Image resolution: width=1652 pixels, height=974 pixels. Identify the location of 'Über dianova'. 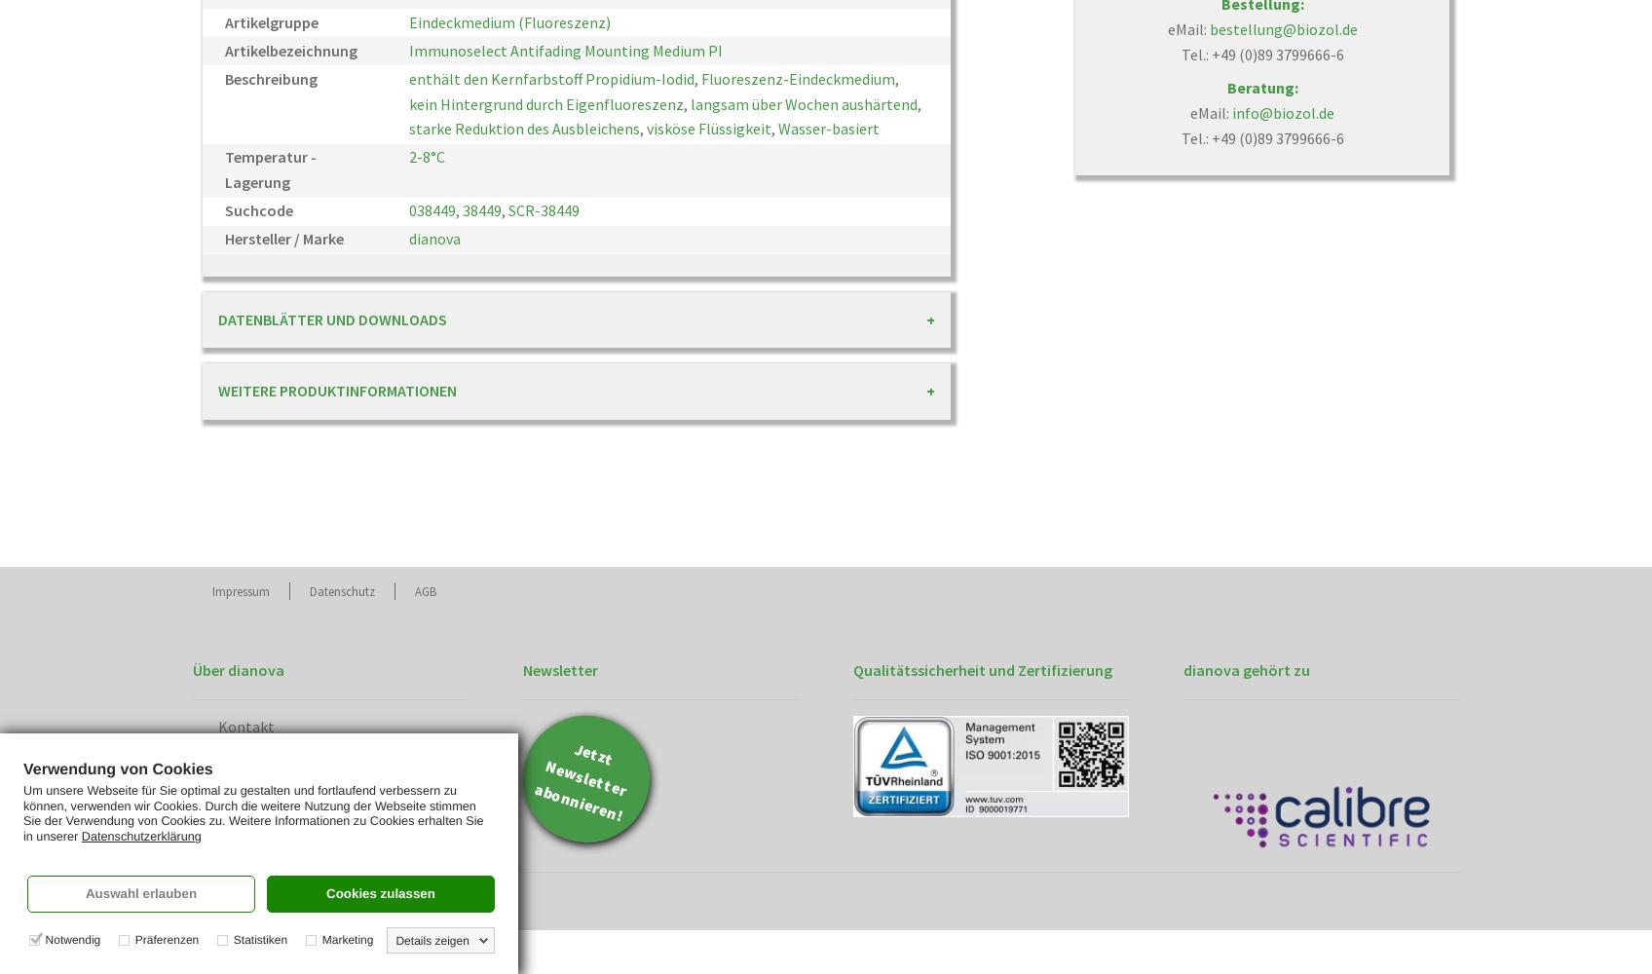
(238, 669).